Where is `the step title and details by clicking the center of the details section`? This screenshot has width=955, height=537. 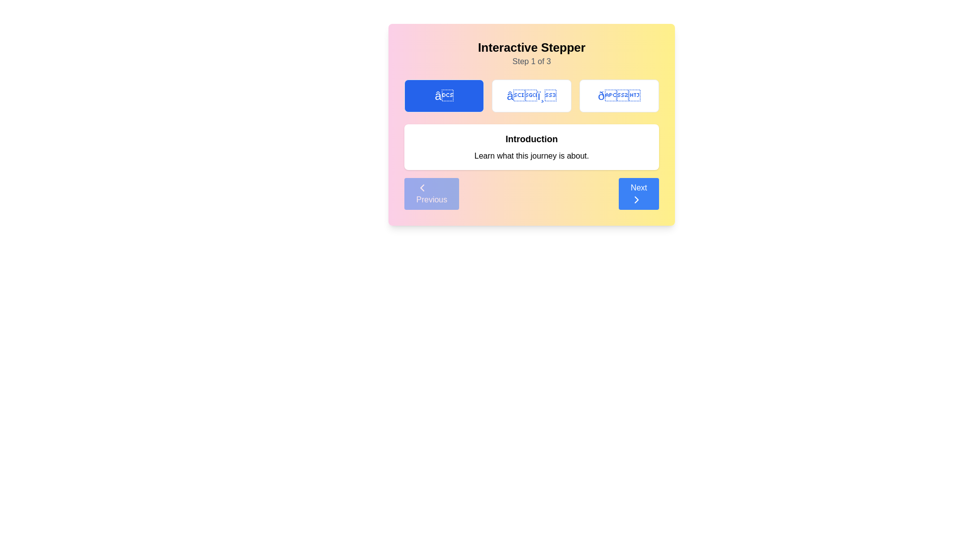 the step title and details by clicking the center of the details section is located at coordinates (531, 147).